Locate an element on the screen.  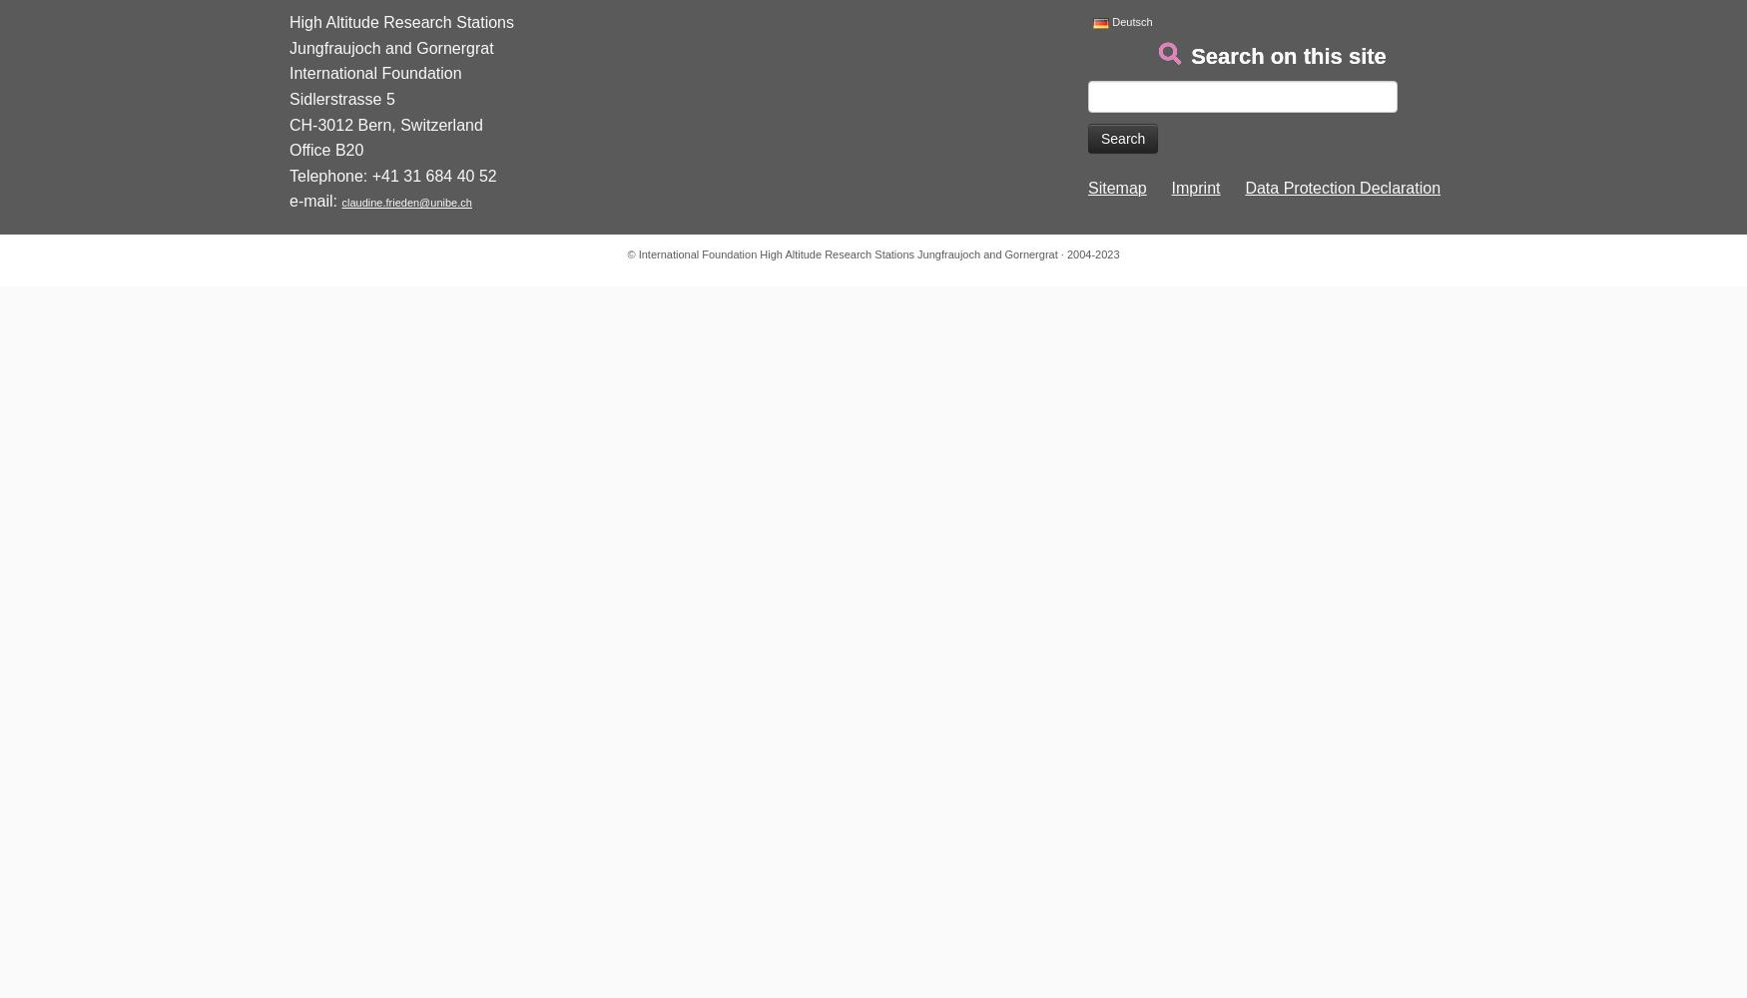
'claudine.frieden@unibe.ch' is located at coordinates (405, 202).